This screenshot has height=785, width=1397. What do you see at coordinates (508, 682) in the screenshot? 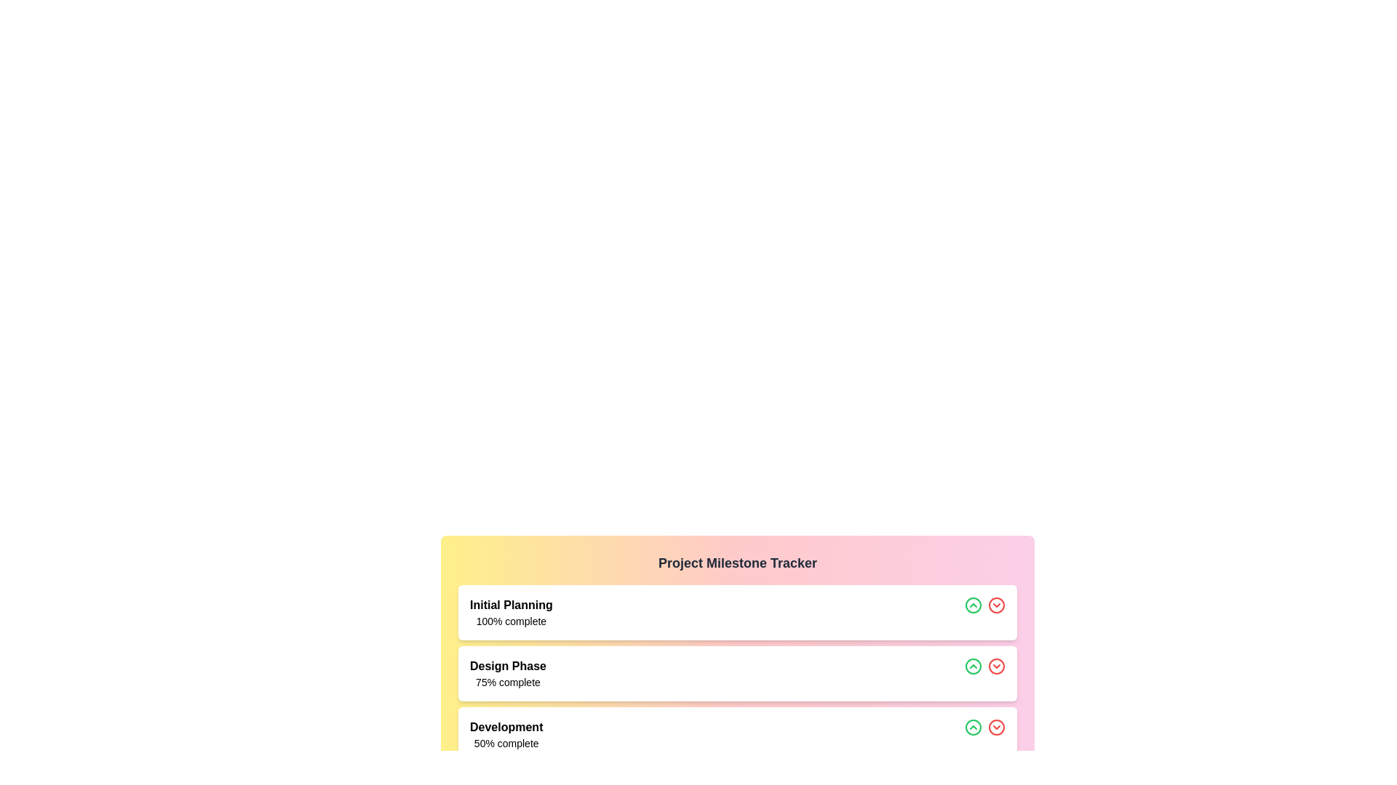
I see `the text label displaying '75% complete', which is located below the bolded text label 'Design Phase' in the milestone tracker` at bounding box center [508, 682].